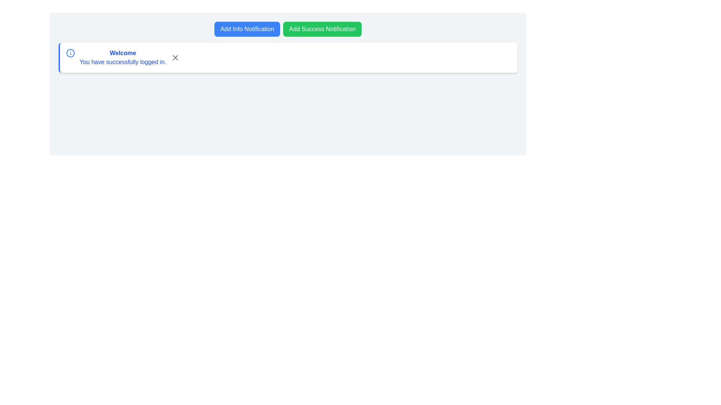 Image resolution: width=721 pixels, height=405 pixels. I want to click on the circular SVG element that indicates the informational nature of the notification in the notification card, so click(70, 53).